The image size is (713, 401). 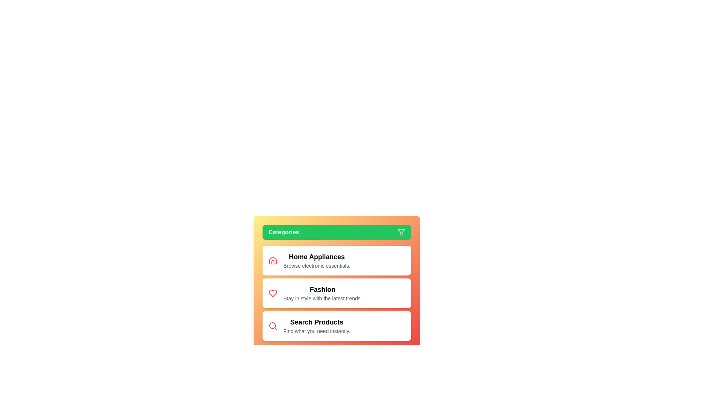 I want to click on the category item Fashion to view its hover effect, so click(x=322, y=293).